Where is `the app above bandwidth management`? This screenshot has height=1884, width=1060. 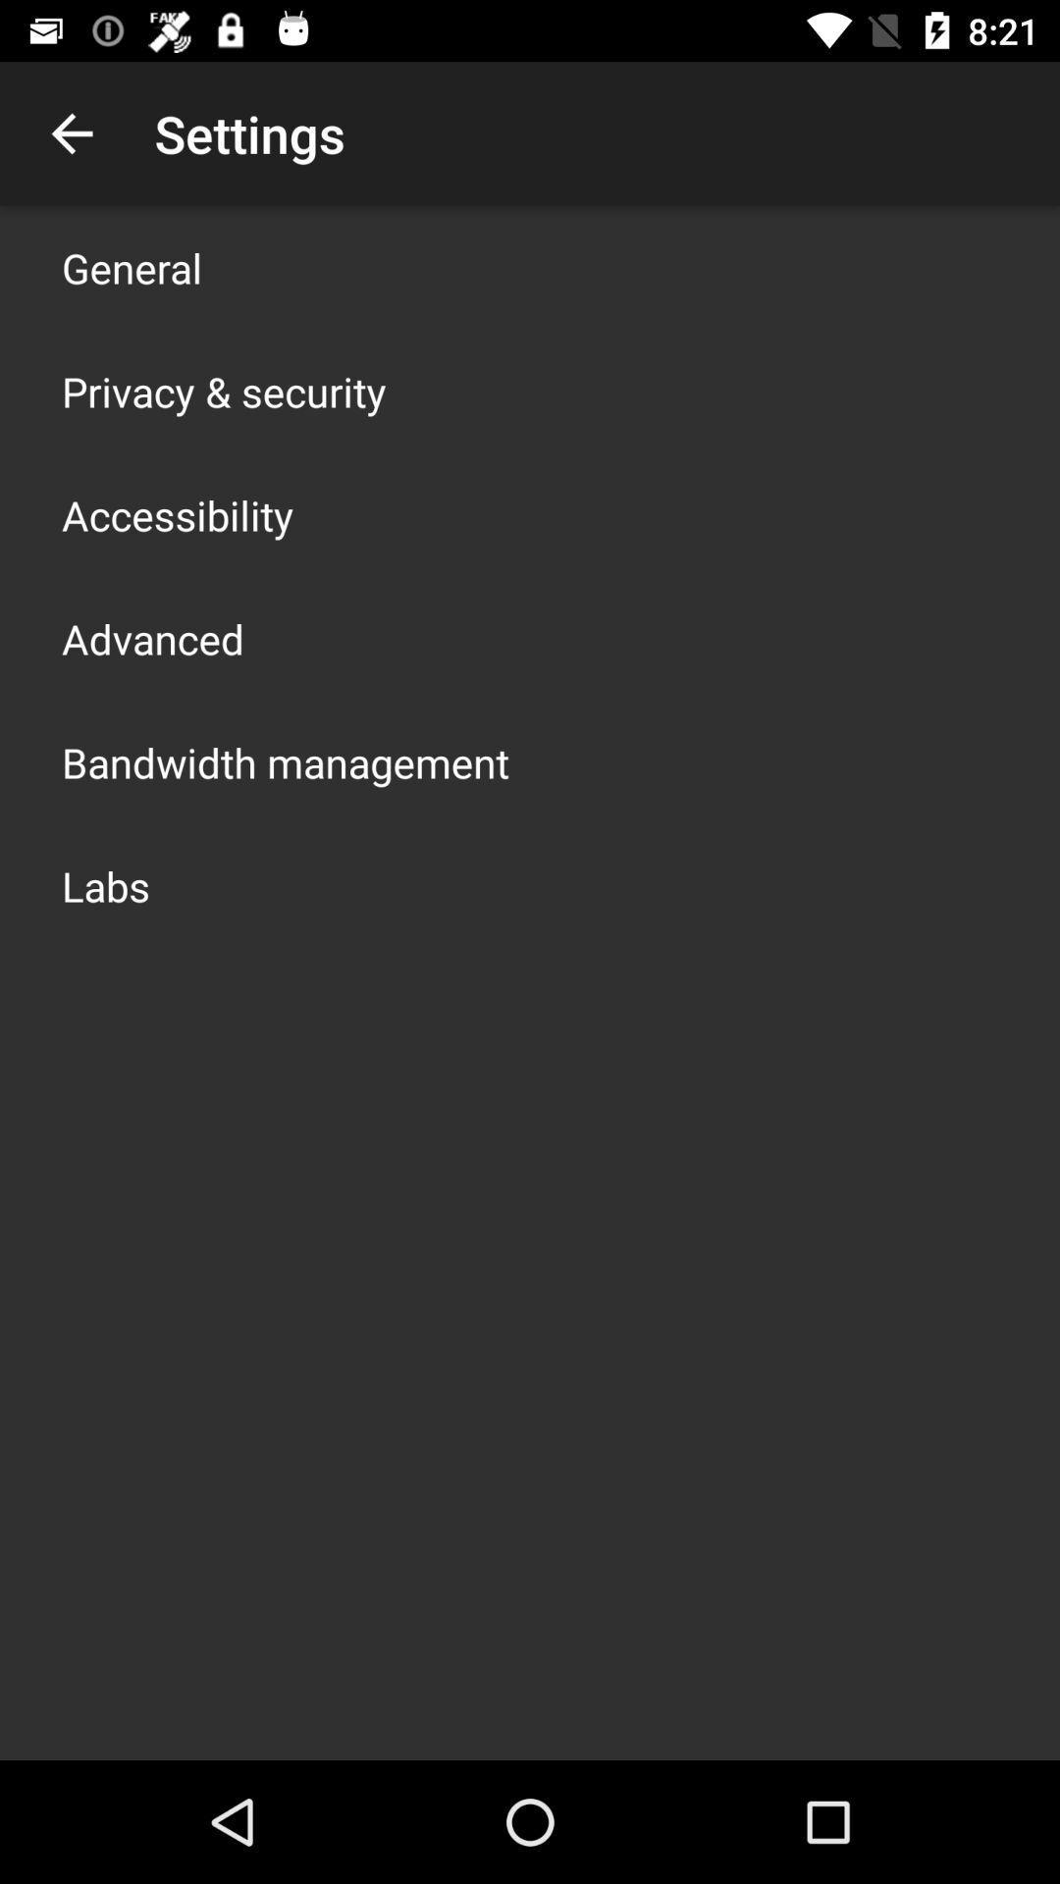
the app above bandwidth management is located at coordinates (151, 639).